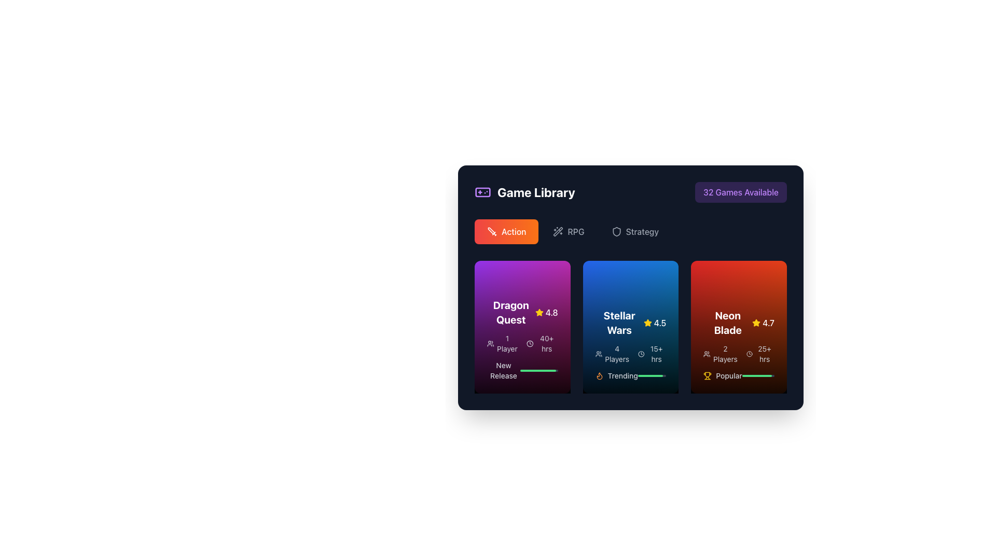 The width and height of the screenshot is (996, 560). I want to click on the static text label indicating the popularity of the game 'Neon Blade', located at the bottom section of the card, to the right of the trophy icon, so click(728, 376).